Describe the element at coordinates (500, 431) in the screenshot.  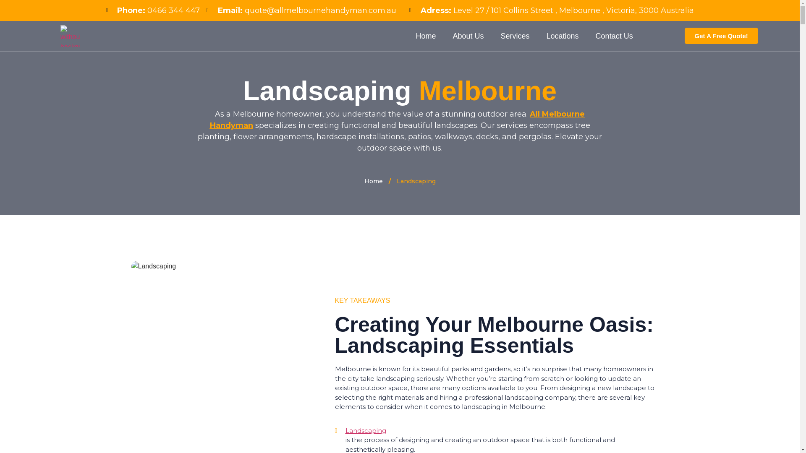
I see `'Landscaping'` at that location.